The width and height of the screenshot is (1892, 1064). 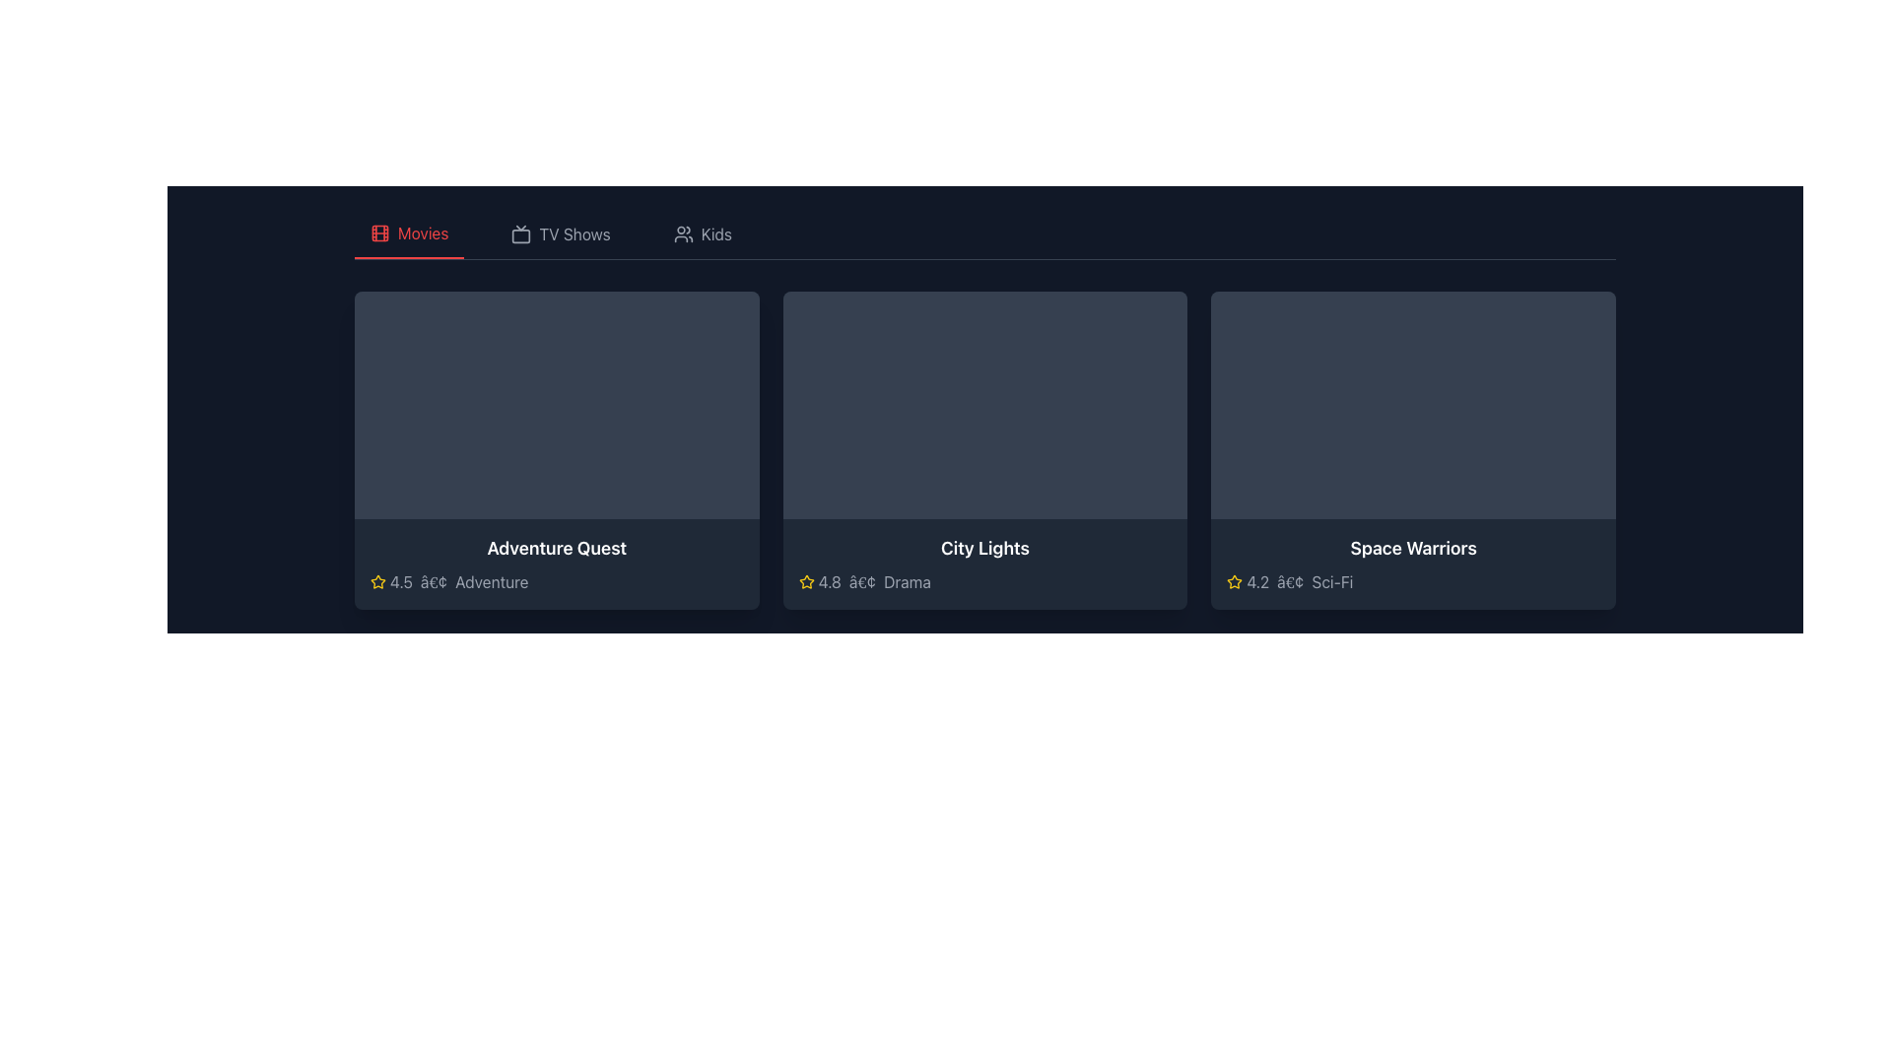 I want to click on numeric text '4.8' styled with a gray font color, which is located next to a yellow star icon in the metadata row for the item 'City Lights', so click(x=830, y=580).